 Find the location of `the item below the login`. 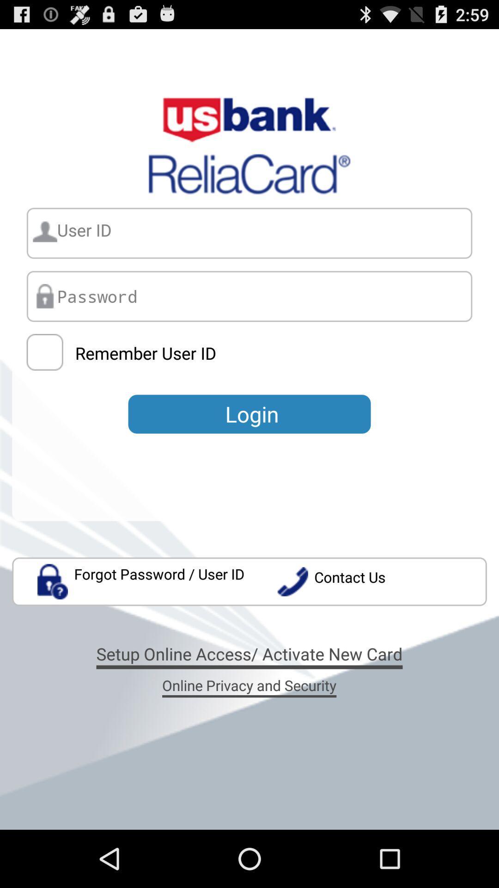

the item below the login is located at coordinates (382, 581).